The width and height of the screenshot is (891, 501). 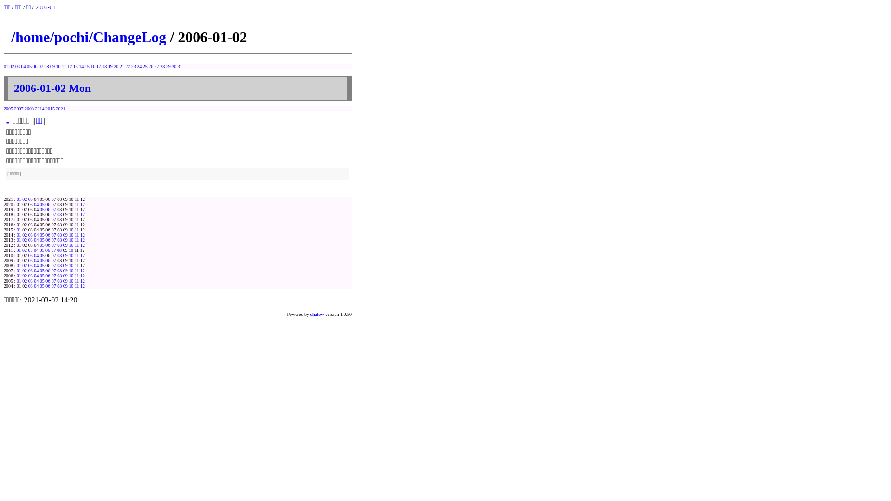 What do you see at coordinates (59, 255) in the screenshot?
I see `'08'` at bounding box center [59, 255].